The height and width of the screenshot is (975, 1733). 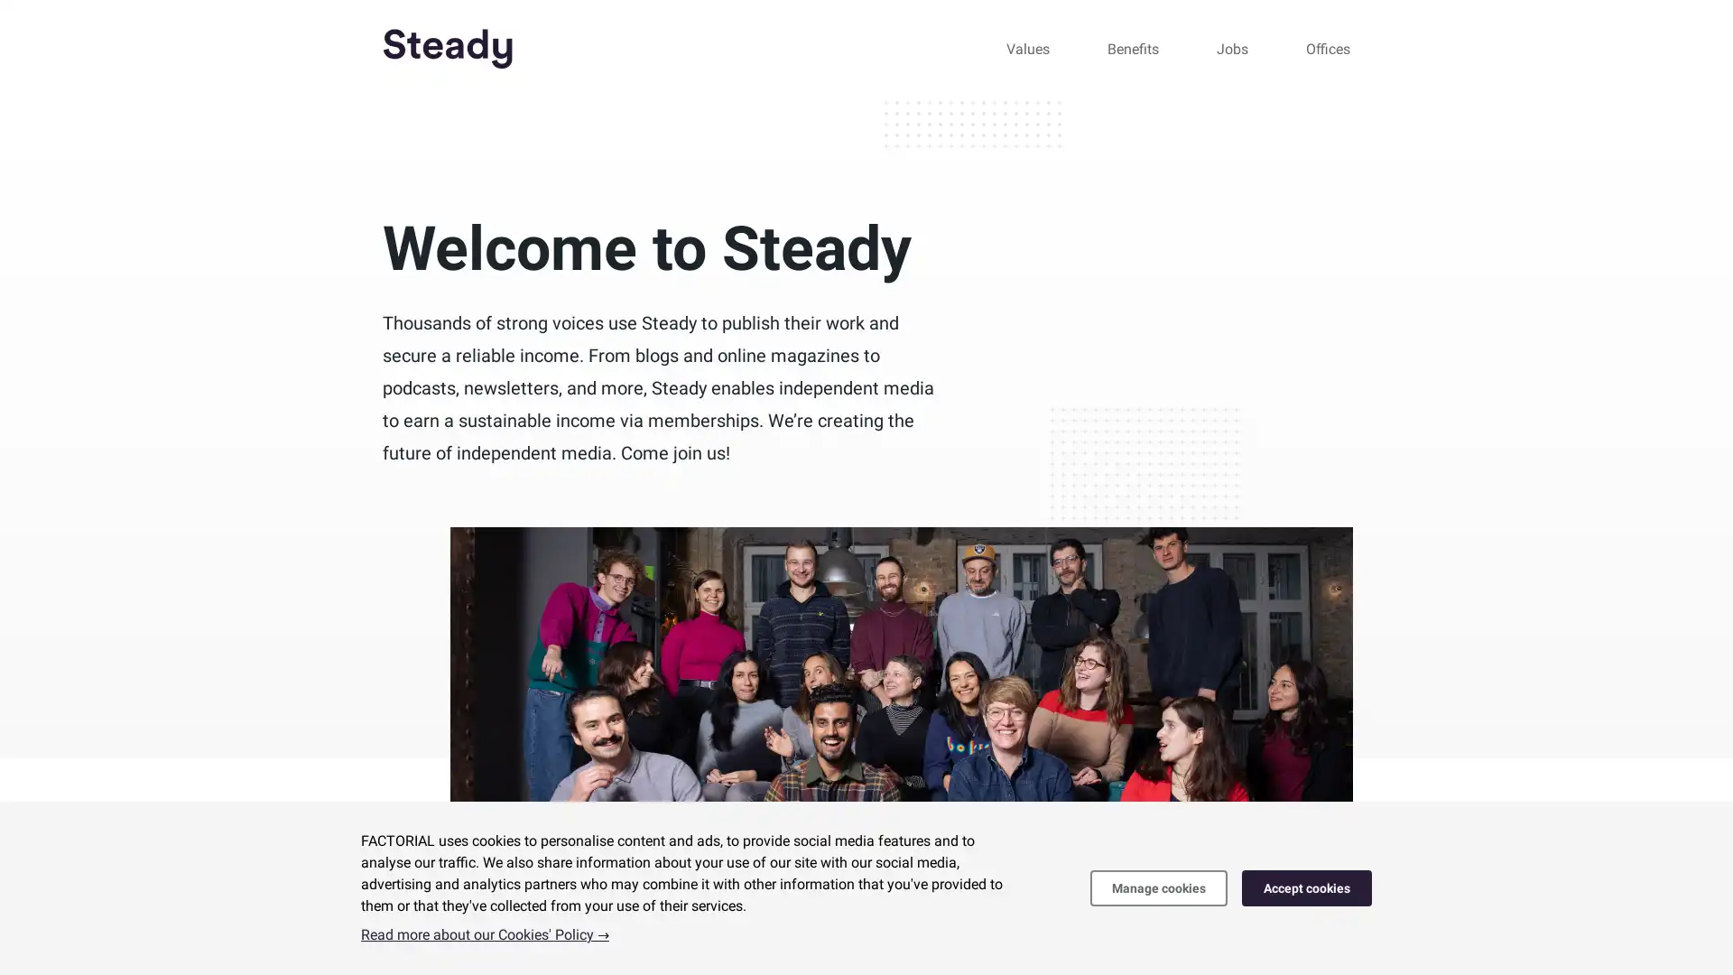 What do you see at coordinates (1158, 887) in the screenshot?
I see `Manage cookies` at bounding box center [1158, 887].